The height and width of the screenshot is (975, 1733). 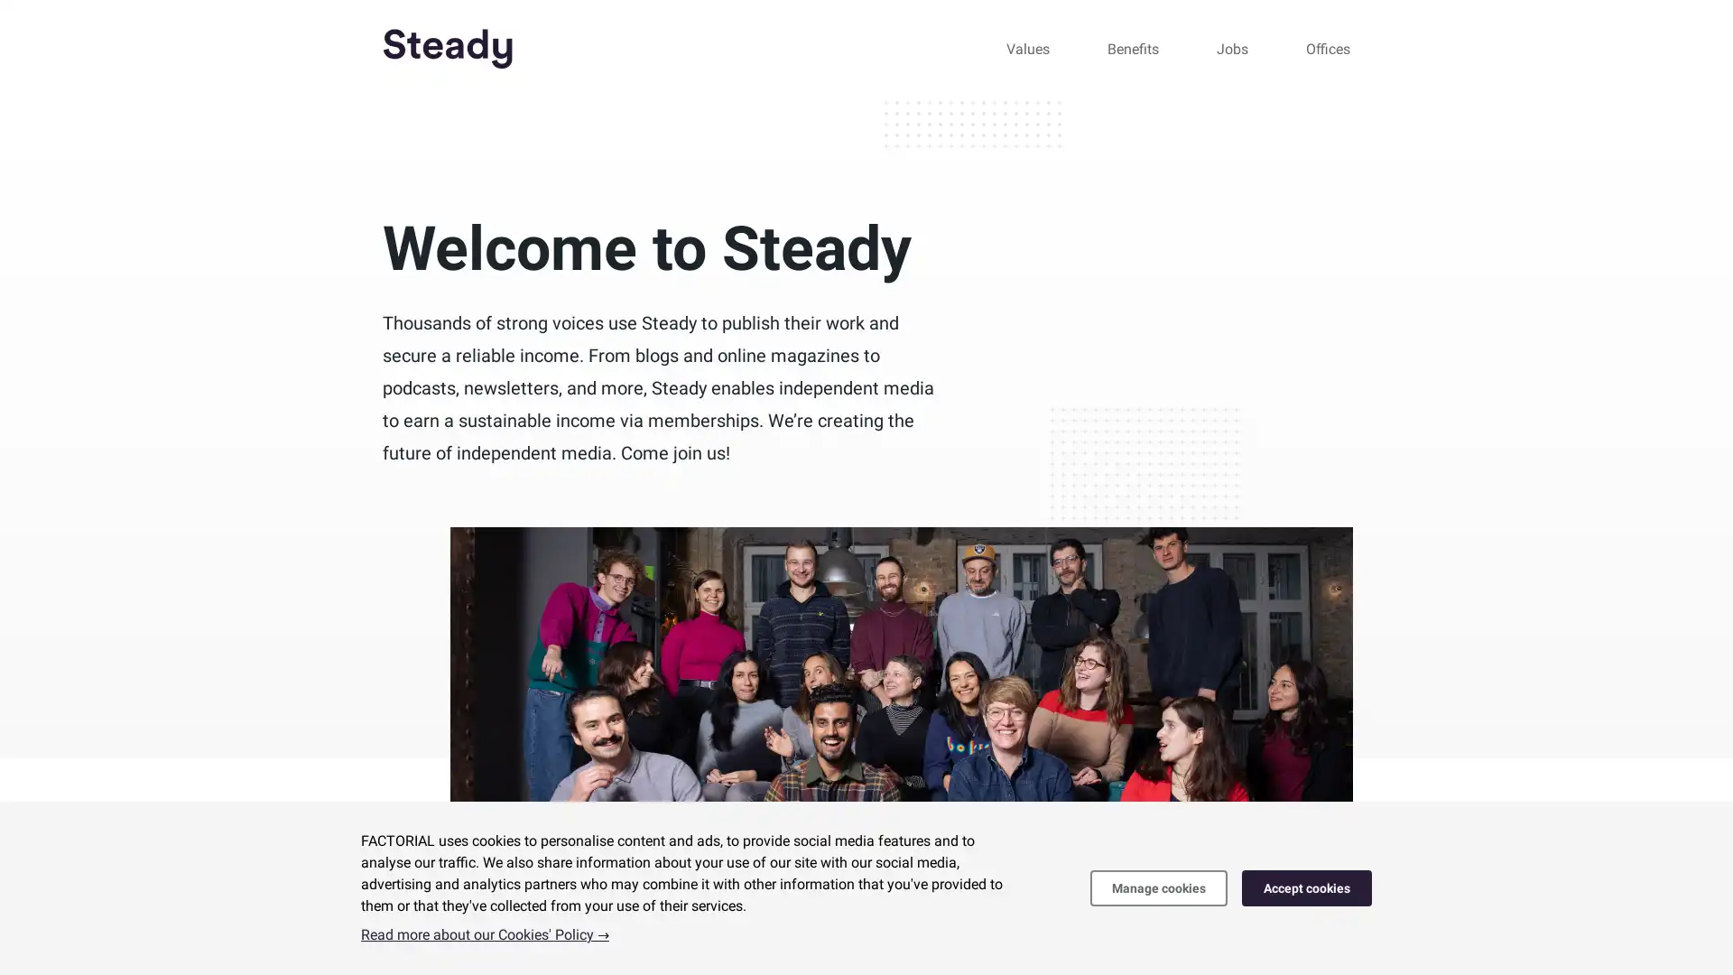 What do you see at coordinates (1158, 887) in the screenshot?
I see `Manage cookies` at bounding box center [1158, 887].